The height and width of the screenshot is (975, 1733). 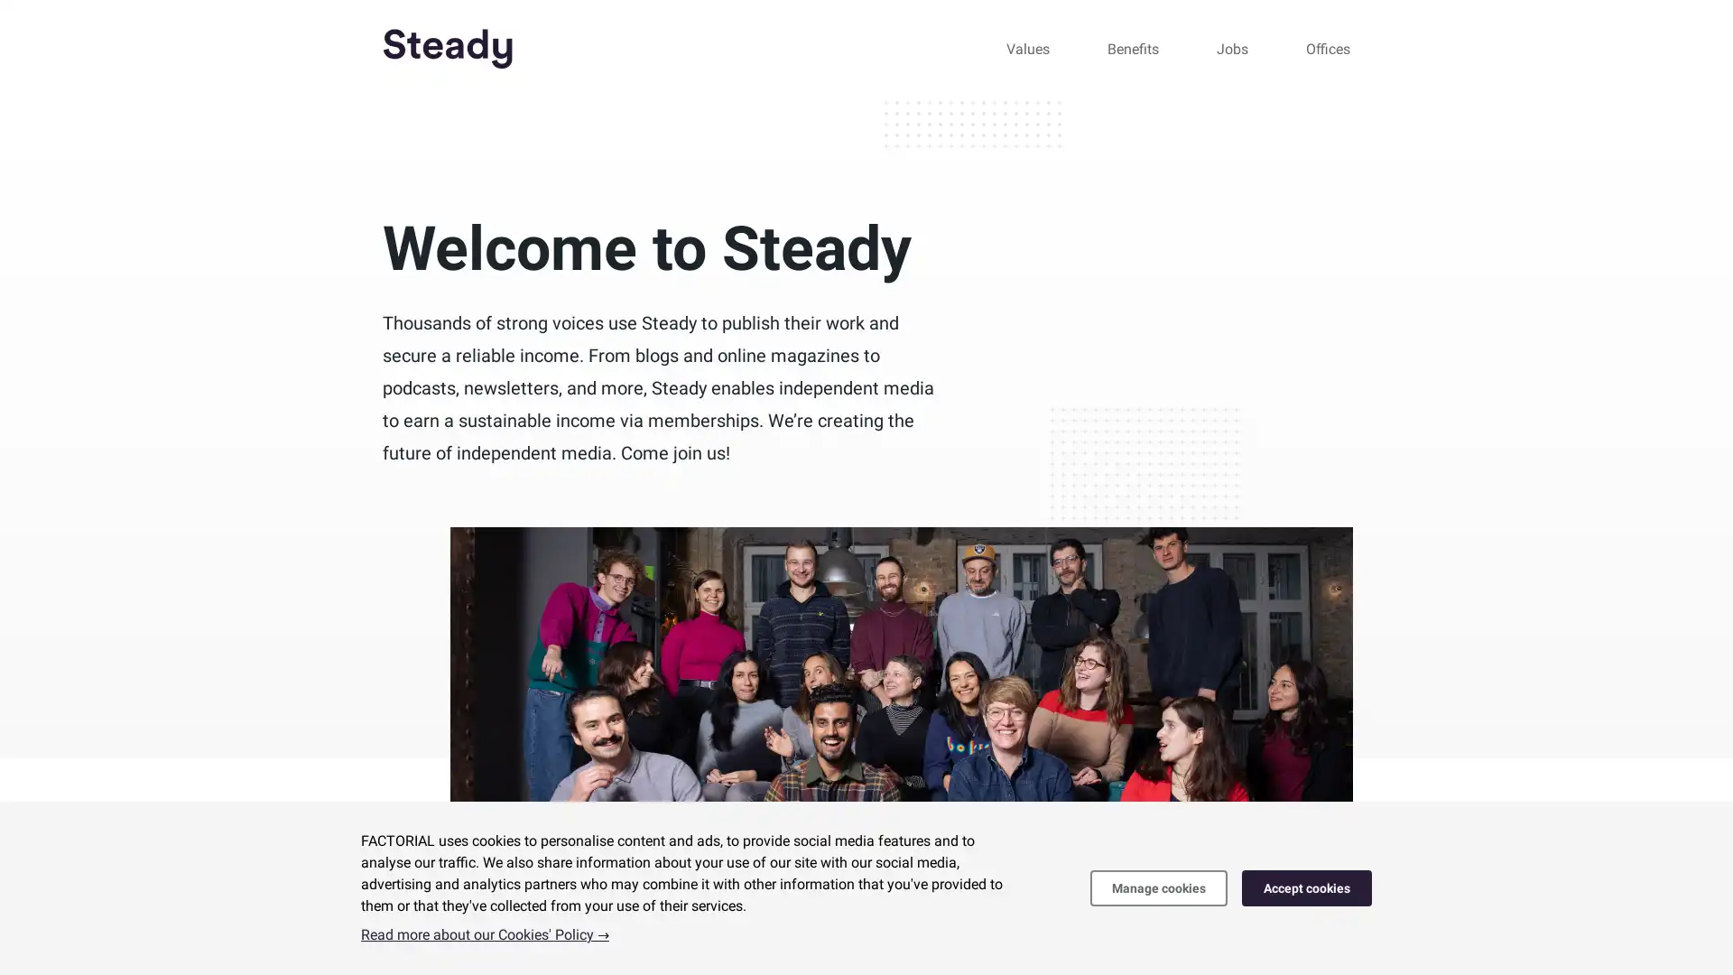 What do you see at coordinates (1158, 887) in the screenshot?
I see `Manage cookies` at bounding box center [1158, 887].